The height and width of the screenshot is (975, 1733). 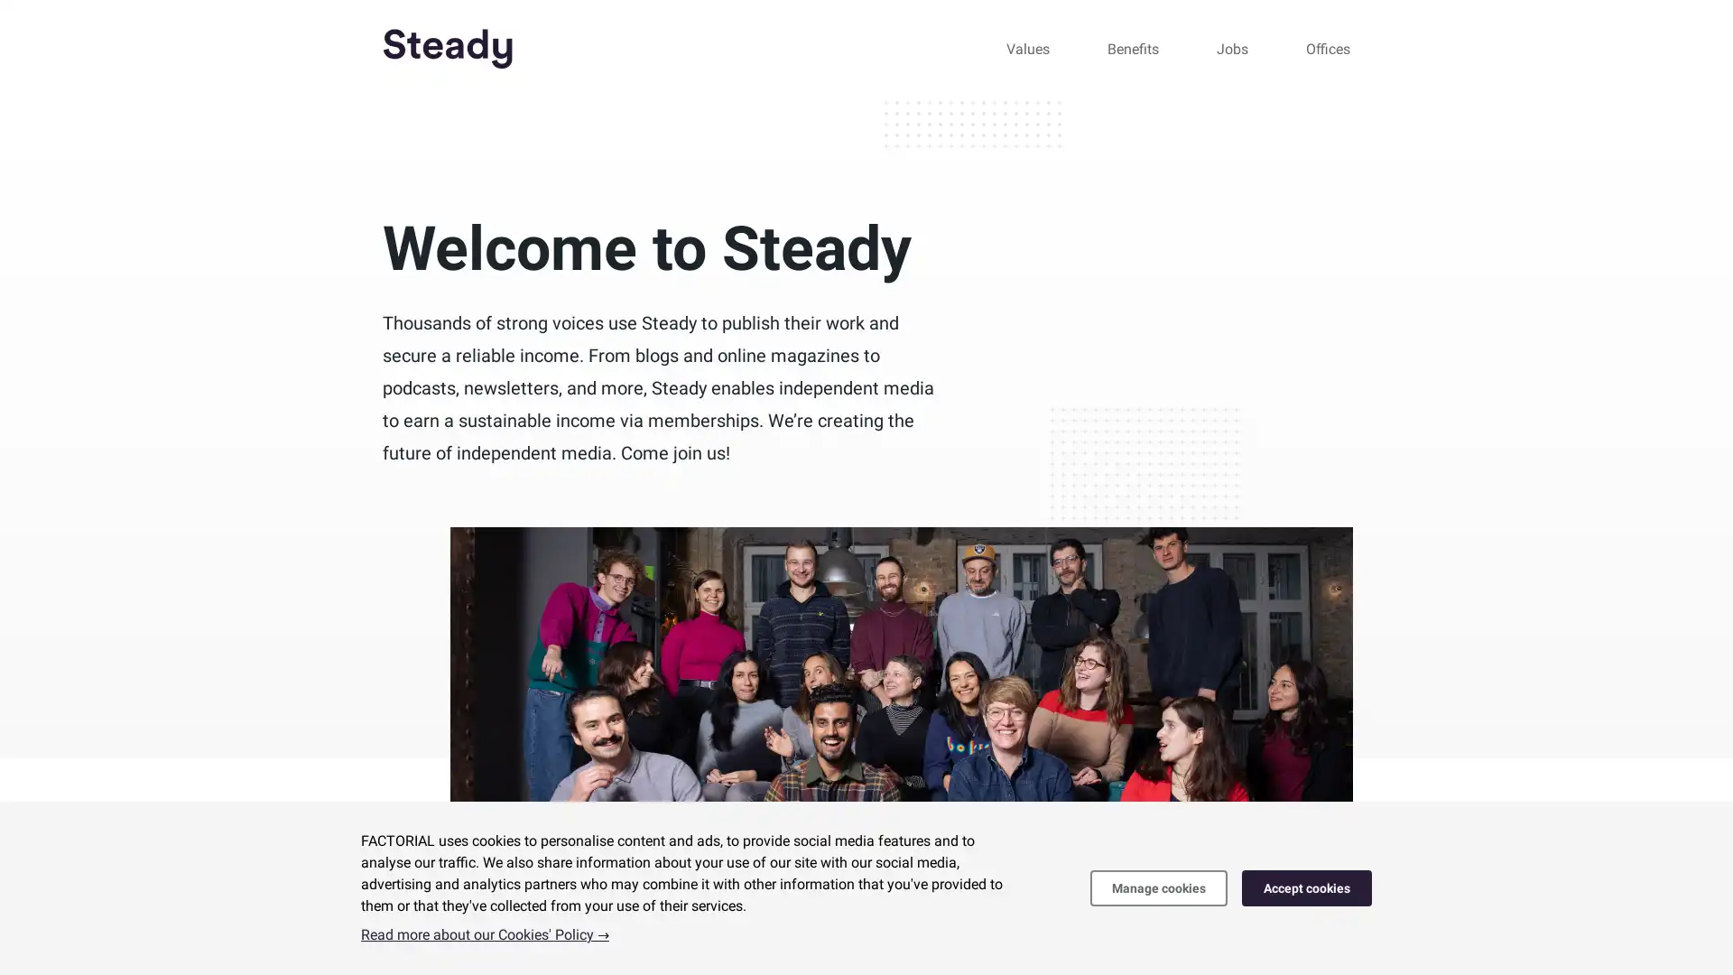 What do you see at coordinates (1158, 887) in the screenshot?
I see `Manage cookies` at bounding box center [1158, 887].